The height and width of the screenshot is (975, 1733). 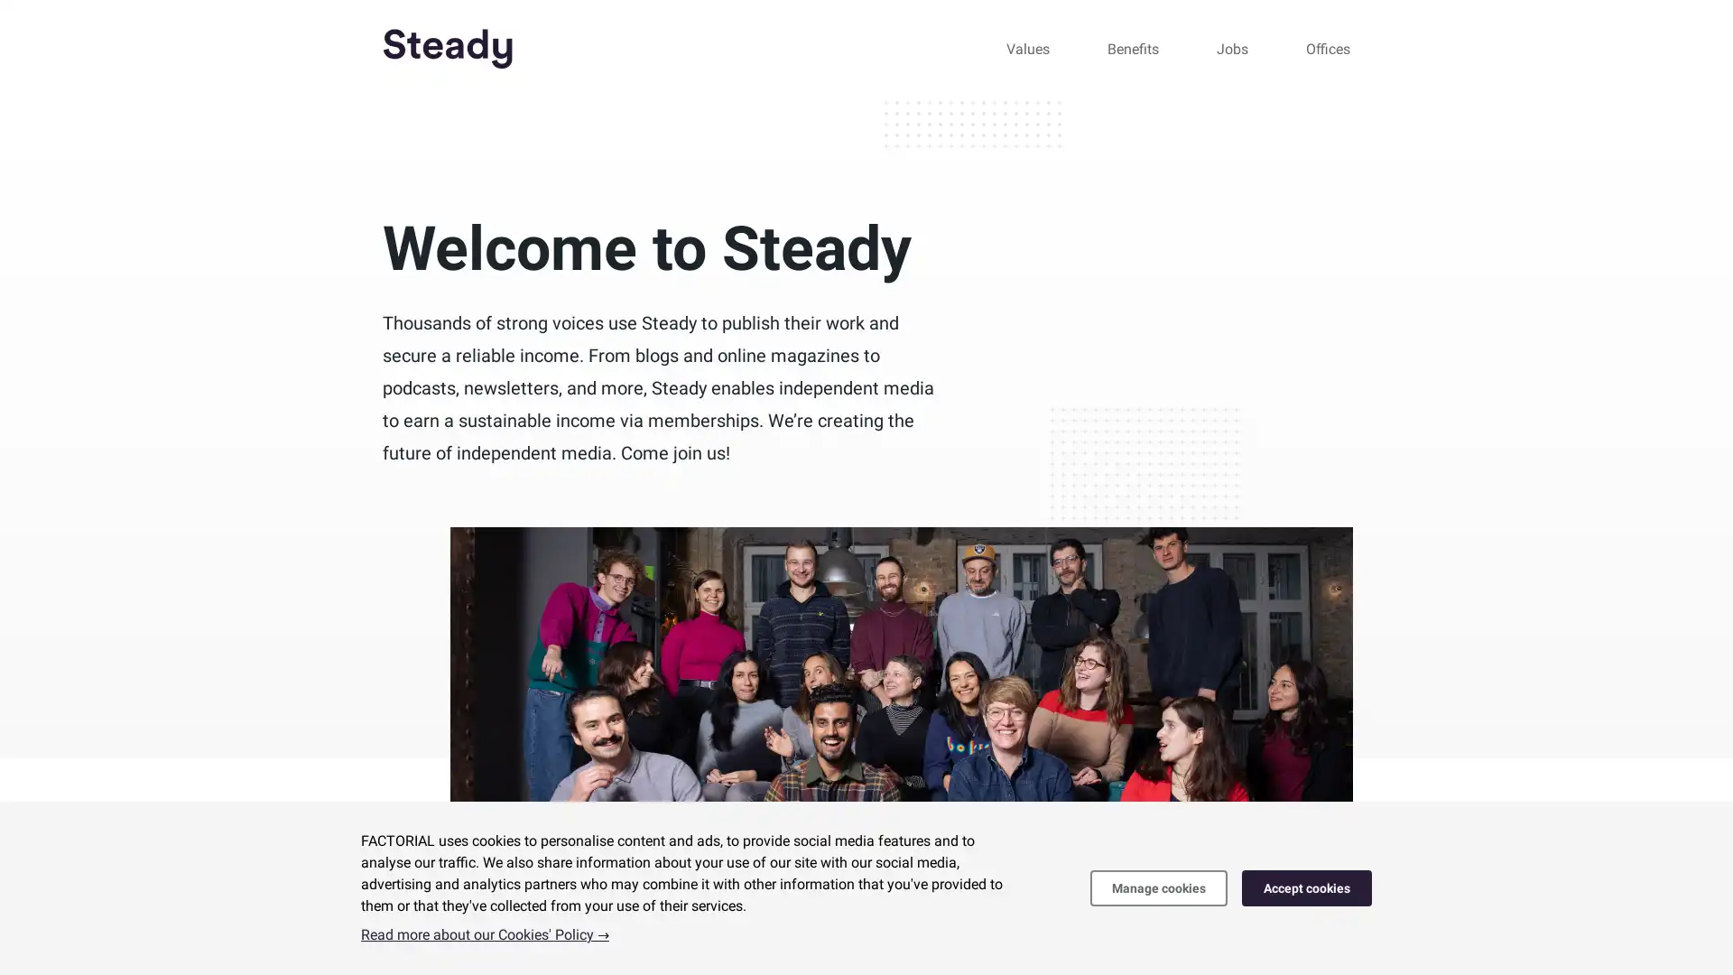 What do you see at coordinates (1158, 887) in the screenshot?
I see `Manage cookies` at bounding box center [1158, 887].